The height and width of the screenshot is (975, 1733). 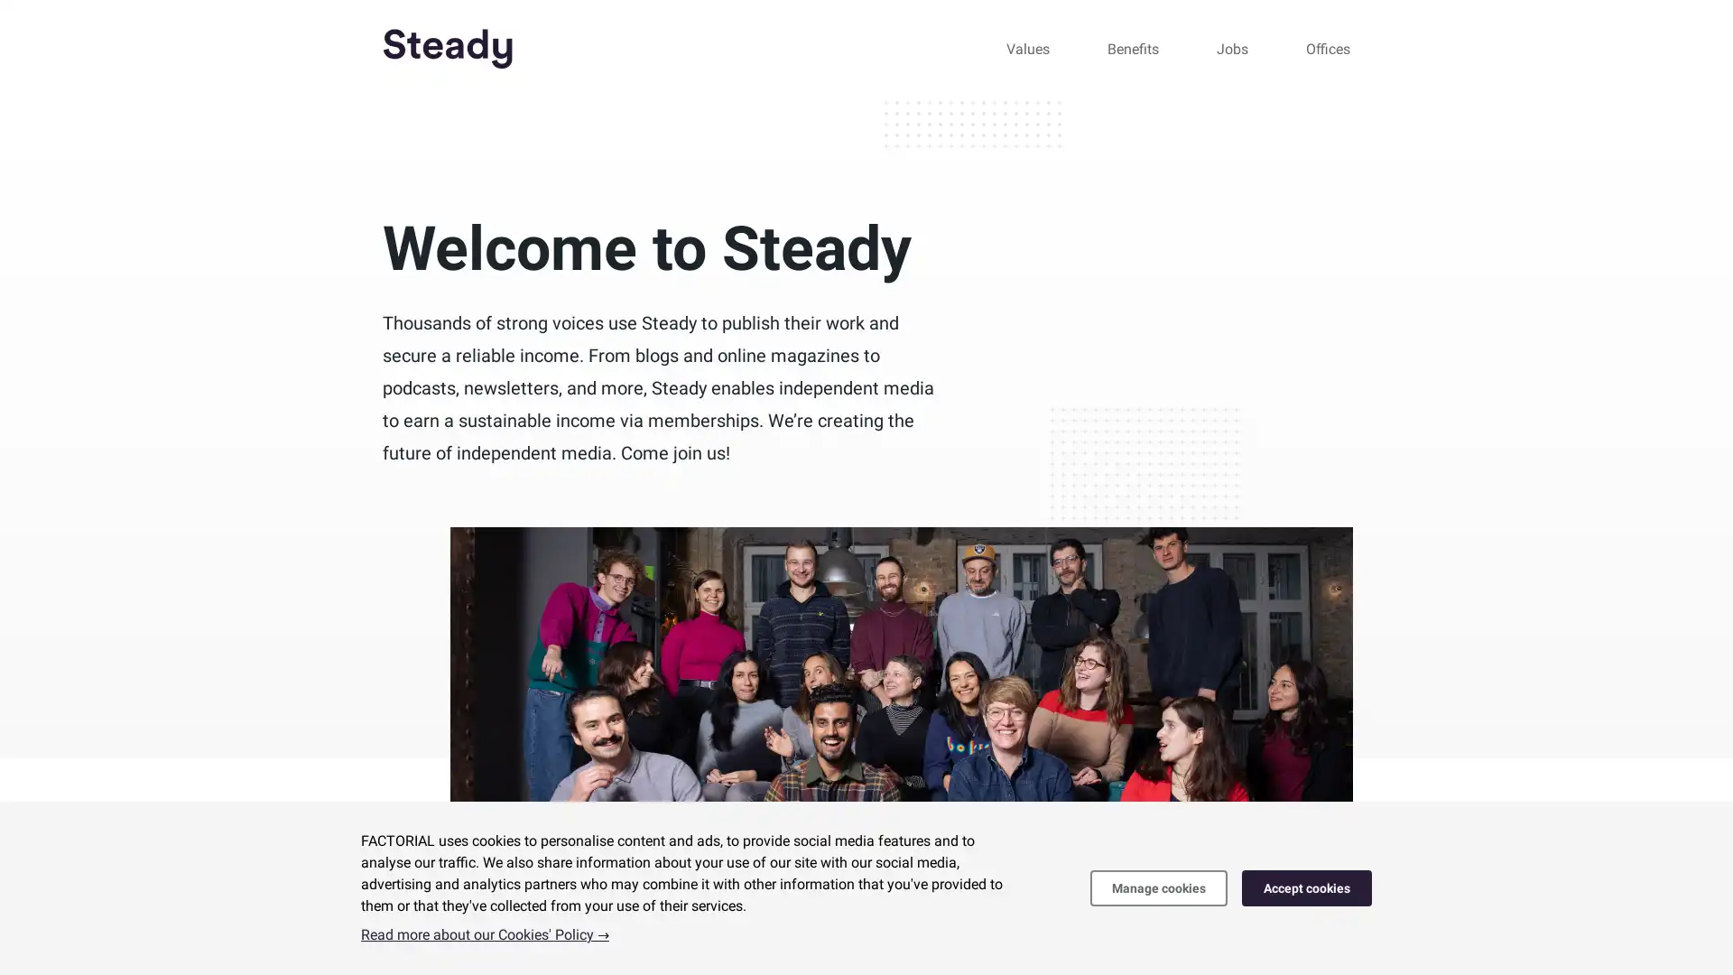 What do you see at coordinates (1158, 887) in the screenshot?
I see `Manage cookies` at bounding box center [1158, 887].